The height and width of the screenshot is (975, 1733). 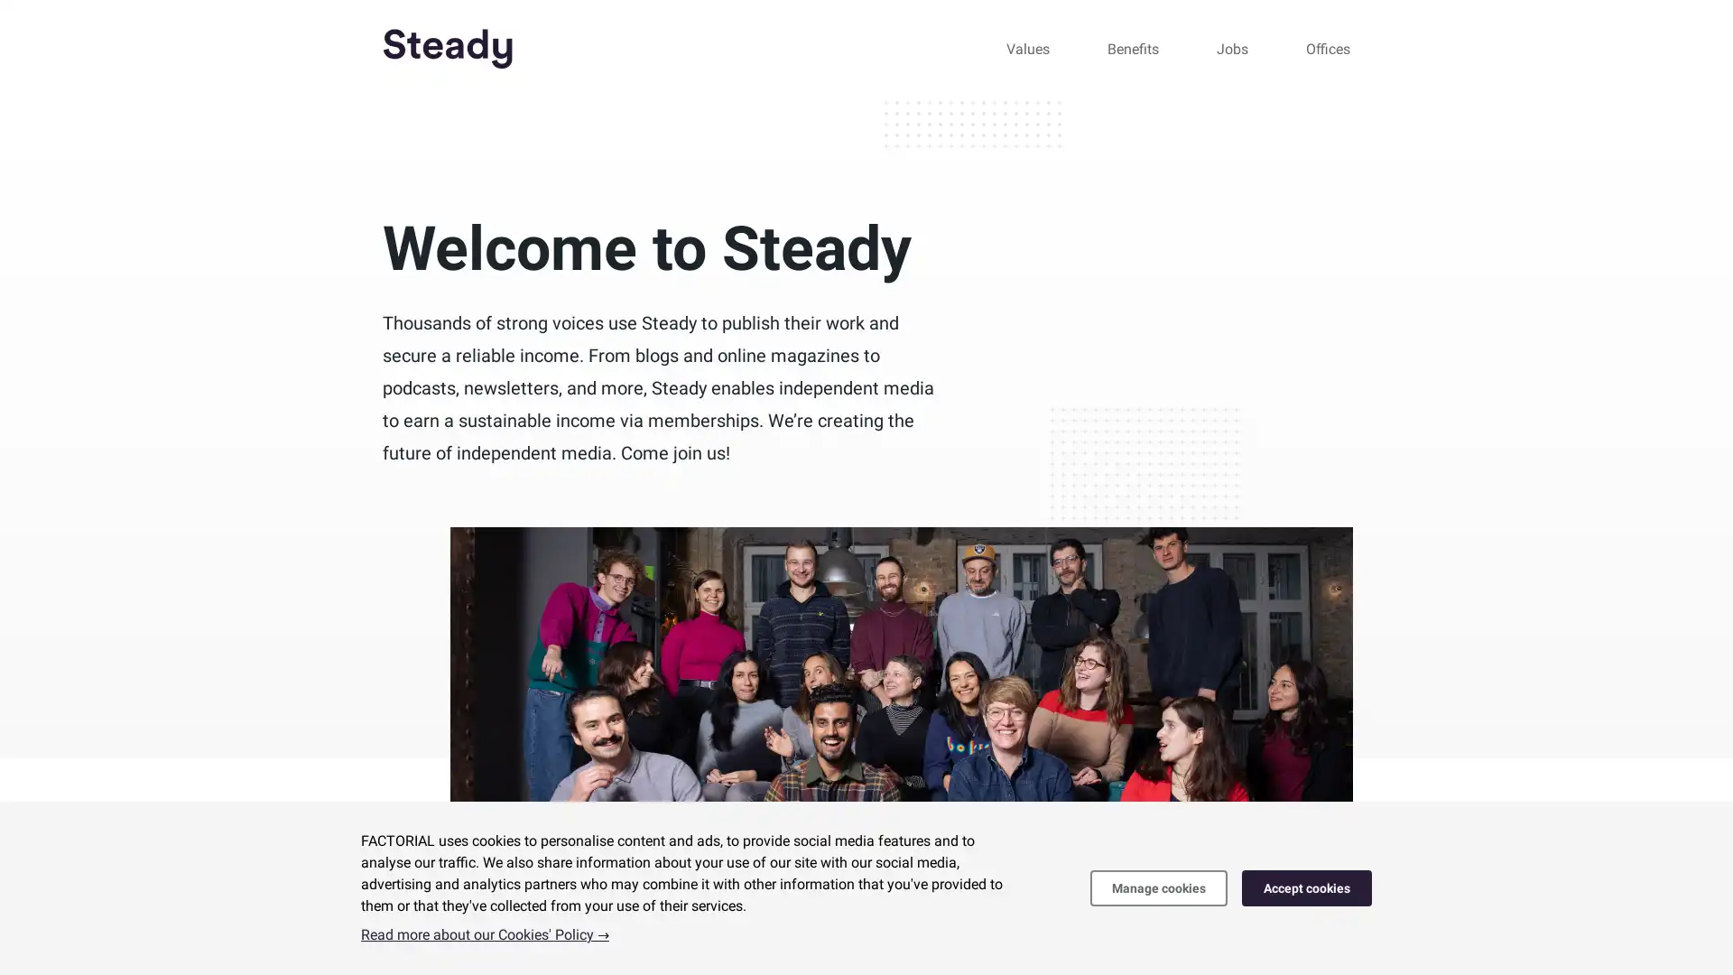 What do you see at coordinates (1158, 887) in the screenshot?
I see `Manage cookies` at bounding box center [1158, 887].